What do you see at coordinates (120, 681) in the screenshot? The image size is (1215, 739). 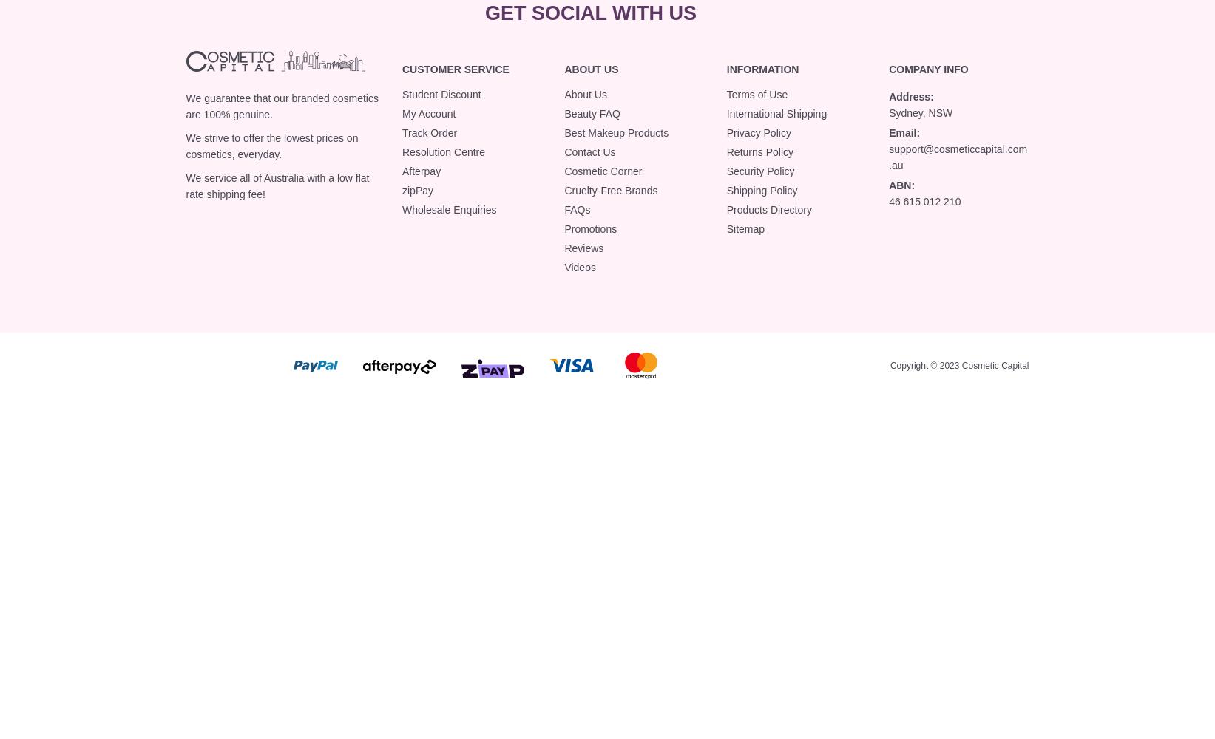 I see `'Luma Natural Radiance Bronzing Primer 40ml'` at bounding box center [120, 681].